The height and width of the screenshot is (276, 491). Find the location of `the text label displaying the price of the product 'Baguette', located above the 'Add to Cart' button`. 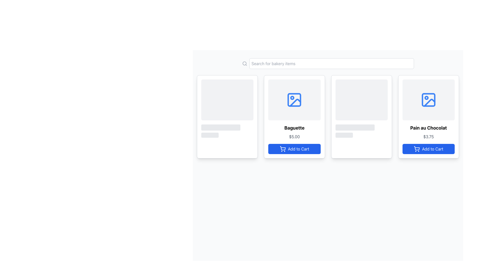

the text label displaying the price of the product 'Baguette', located above the 'Add to Cart' button is located at coordinates (294, 136).